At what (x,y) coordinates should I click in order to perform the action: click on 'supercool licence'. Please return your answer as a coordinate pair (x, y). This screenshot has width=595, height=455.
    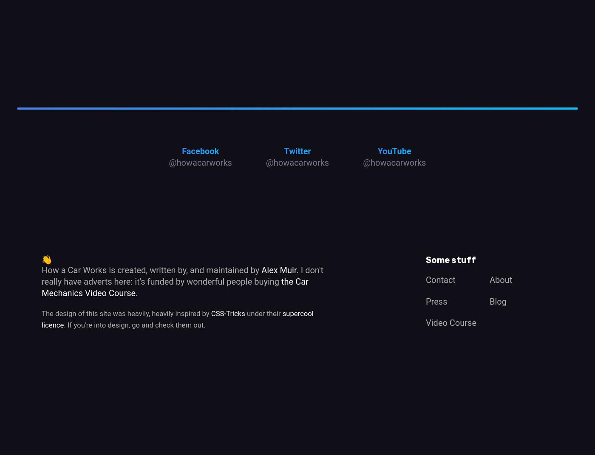
    Looking at the image, I should click on (177, 319).